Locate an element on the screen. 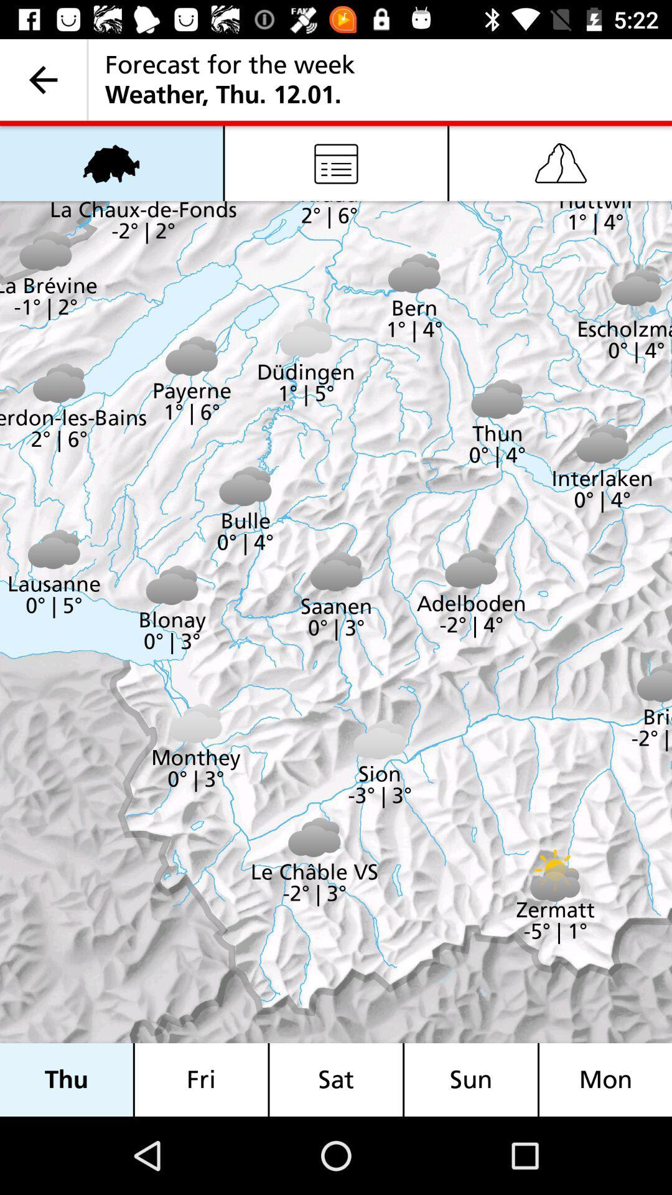  icon to the right of the fri item is located at coordinates (336, 1079).